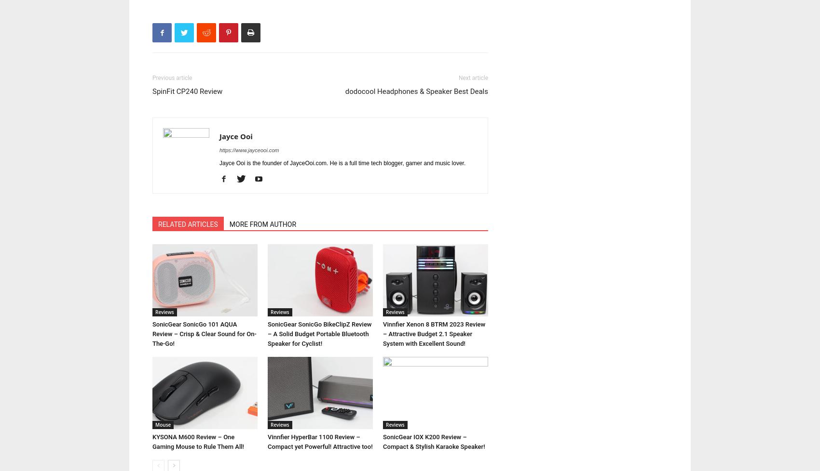 This screenshot has width=820, height=471. Describe the element at coordinates (262, 224) in the screenshot. I see `'MORE FROM AUTHOR'` at that location.